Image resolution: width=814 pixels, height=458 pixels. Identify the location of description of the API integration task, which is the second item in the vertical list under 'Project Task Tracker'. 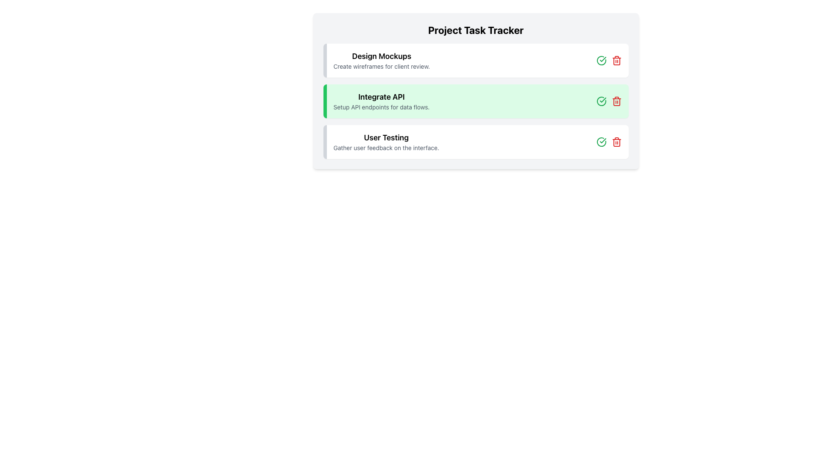
(381, 101).